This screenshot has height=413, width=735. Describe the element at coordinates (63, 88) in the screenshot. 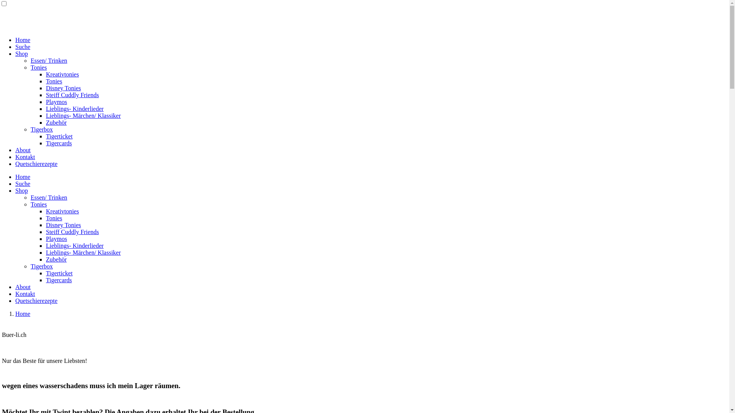

I see `'Disney Tonies'` at that location.